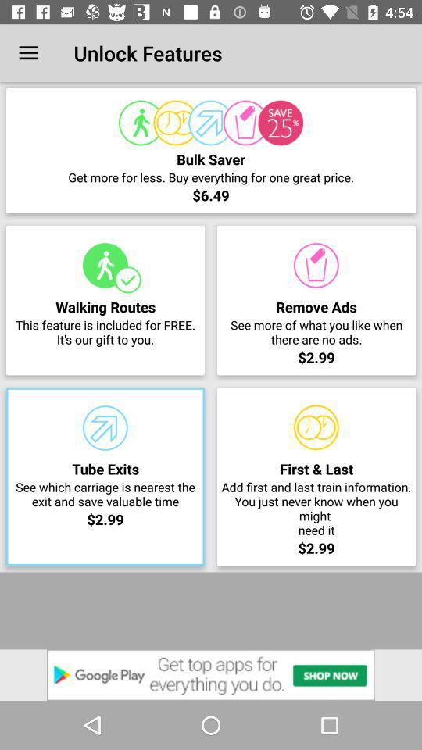  Describe the element at coordinates (28, 53) in the screenshot. I see `icon at the top left corner` at that location.